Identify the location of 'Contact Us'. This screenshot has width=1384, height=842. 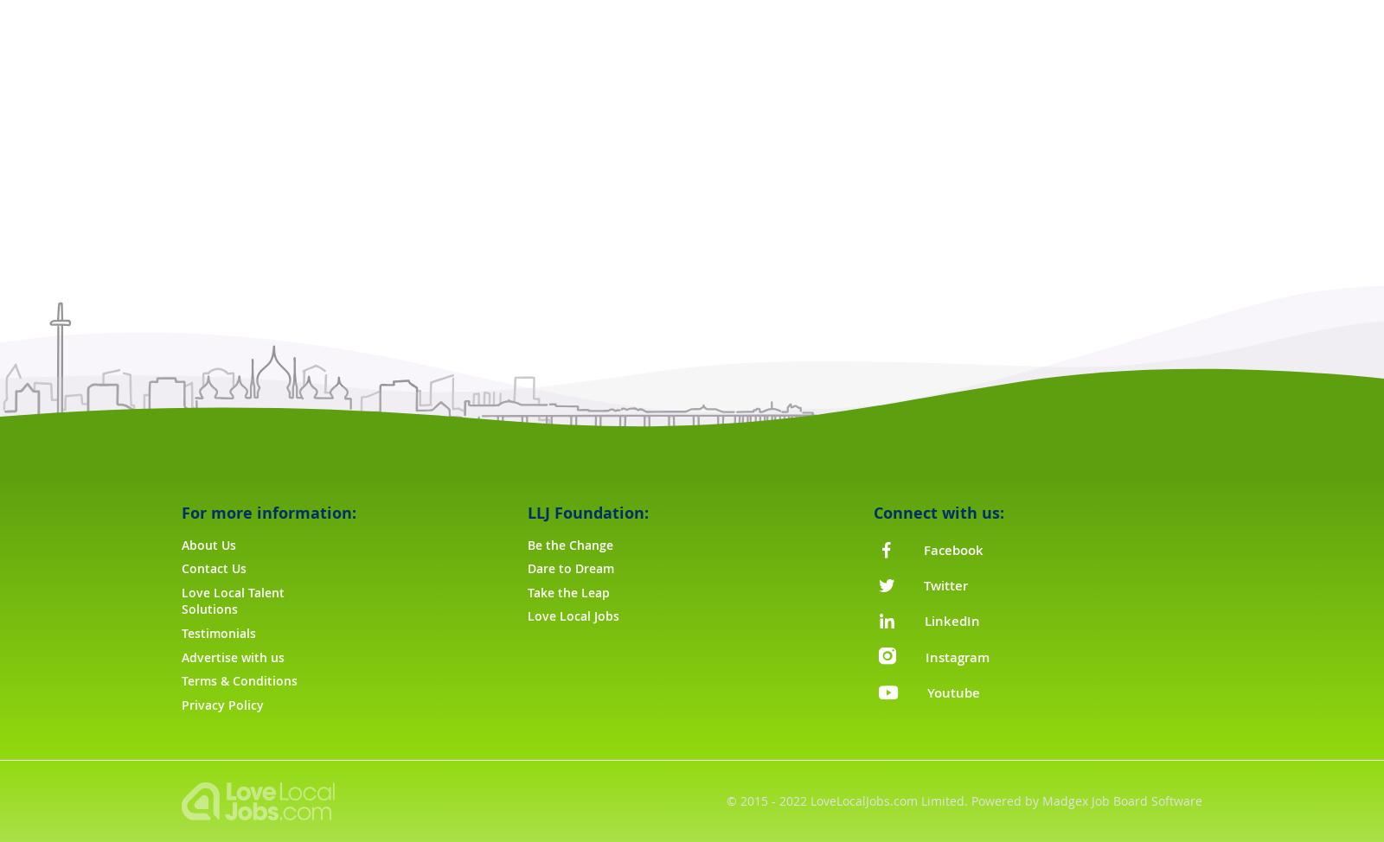
(214, 568).